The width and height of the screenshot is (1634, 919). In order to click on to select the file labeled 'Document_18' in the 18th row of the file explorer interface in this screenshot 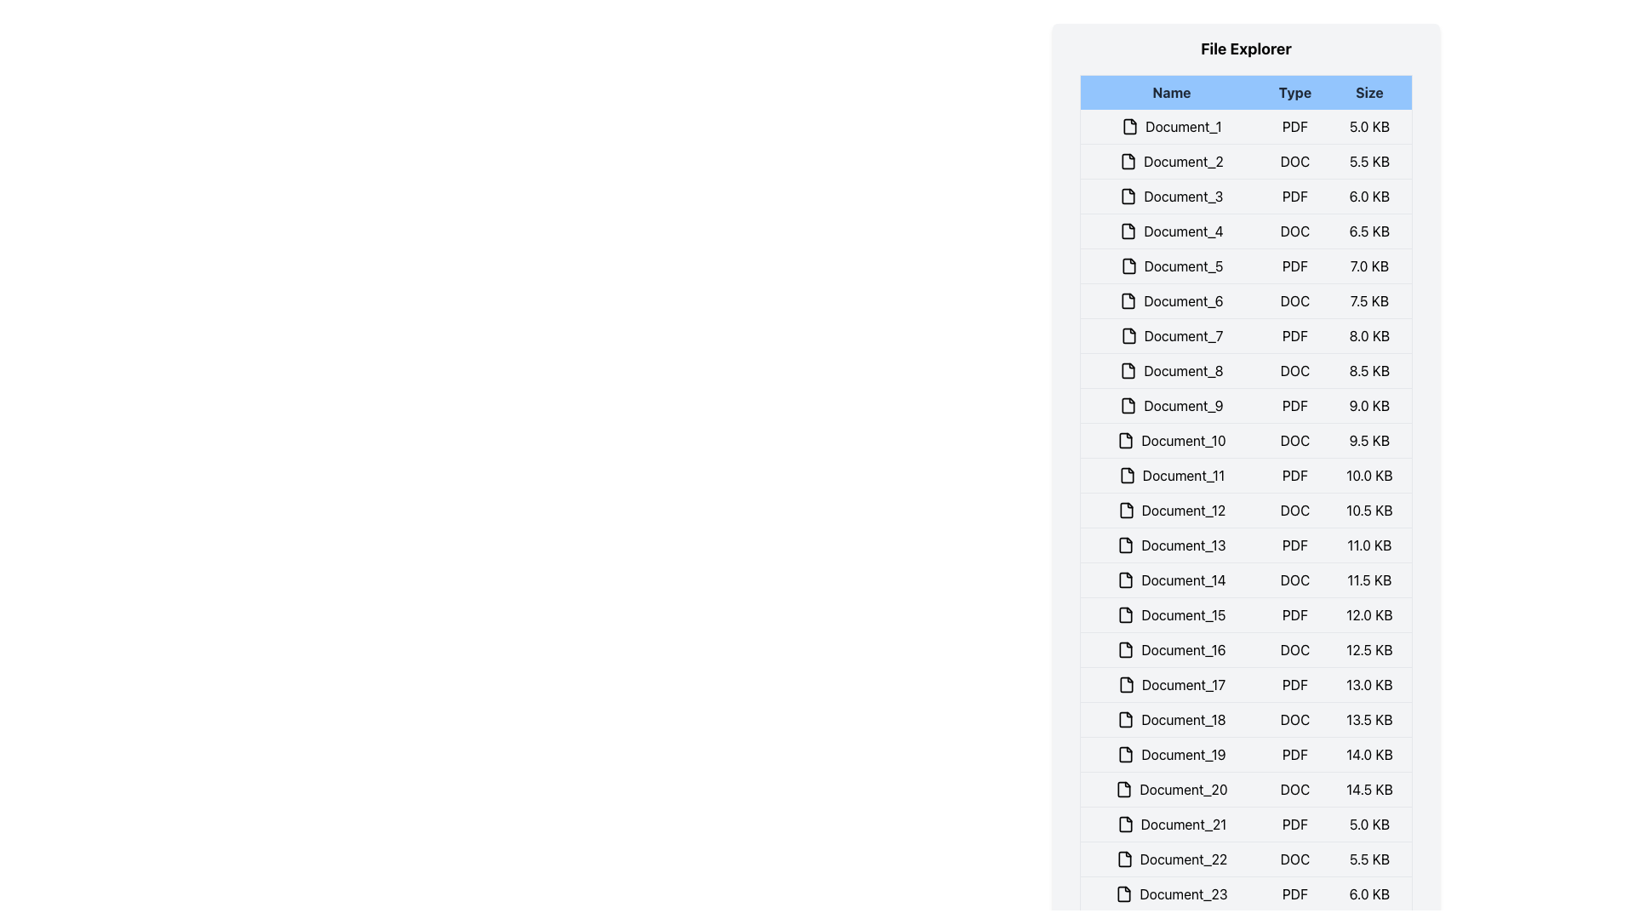, I will do `click(1171, 719)`.